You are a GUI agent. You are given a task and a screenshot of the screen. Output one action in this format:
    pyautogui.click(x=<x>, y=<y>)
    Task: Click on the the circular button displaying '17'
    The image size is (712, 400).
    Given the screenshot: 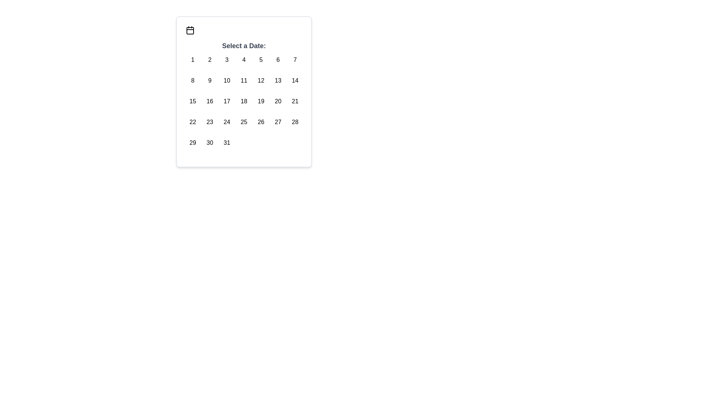 What is the action you would take?
    pyautogui.click(x=227, y=101)
    